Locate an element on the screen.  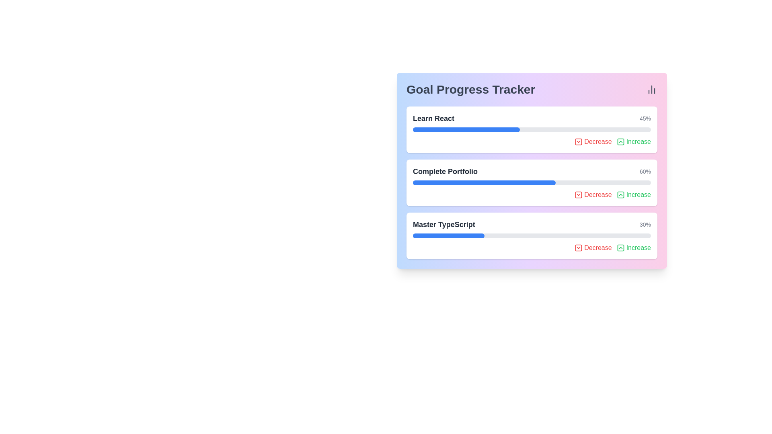
the progress bar representing the completion percentage for the 'Learn React' goal, located in the first card of the goal tracker interface is located at coordinates (532, 129).